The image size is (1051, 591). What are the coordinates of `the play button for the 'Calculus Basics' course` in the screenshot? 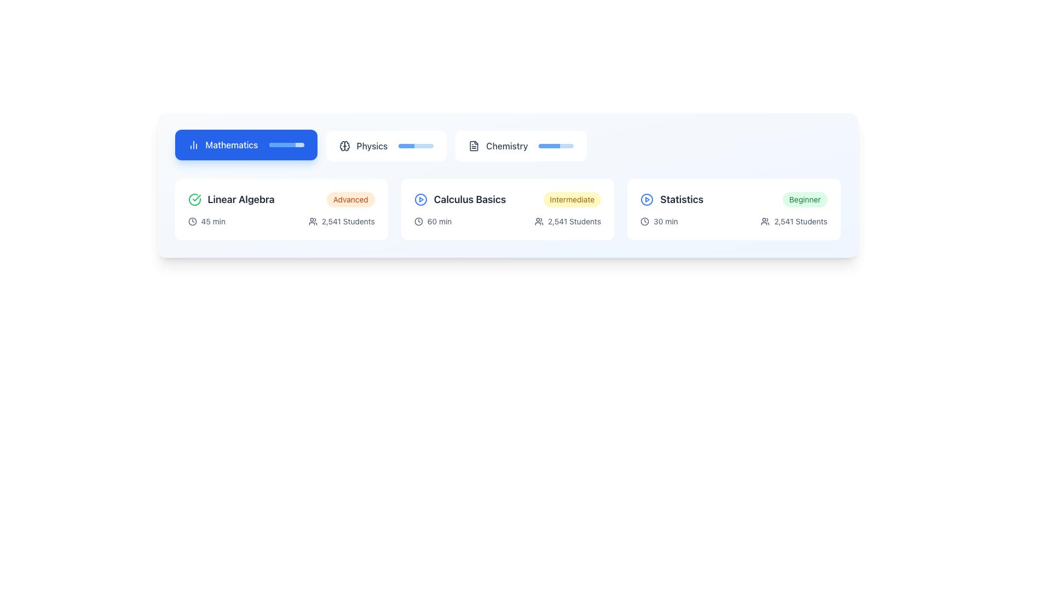 It's located at (420, 200).